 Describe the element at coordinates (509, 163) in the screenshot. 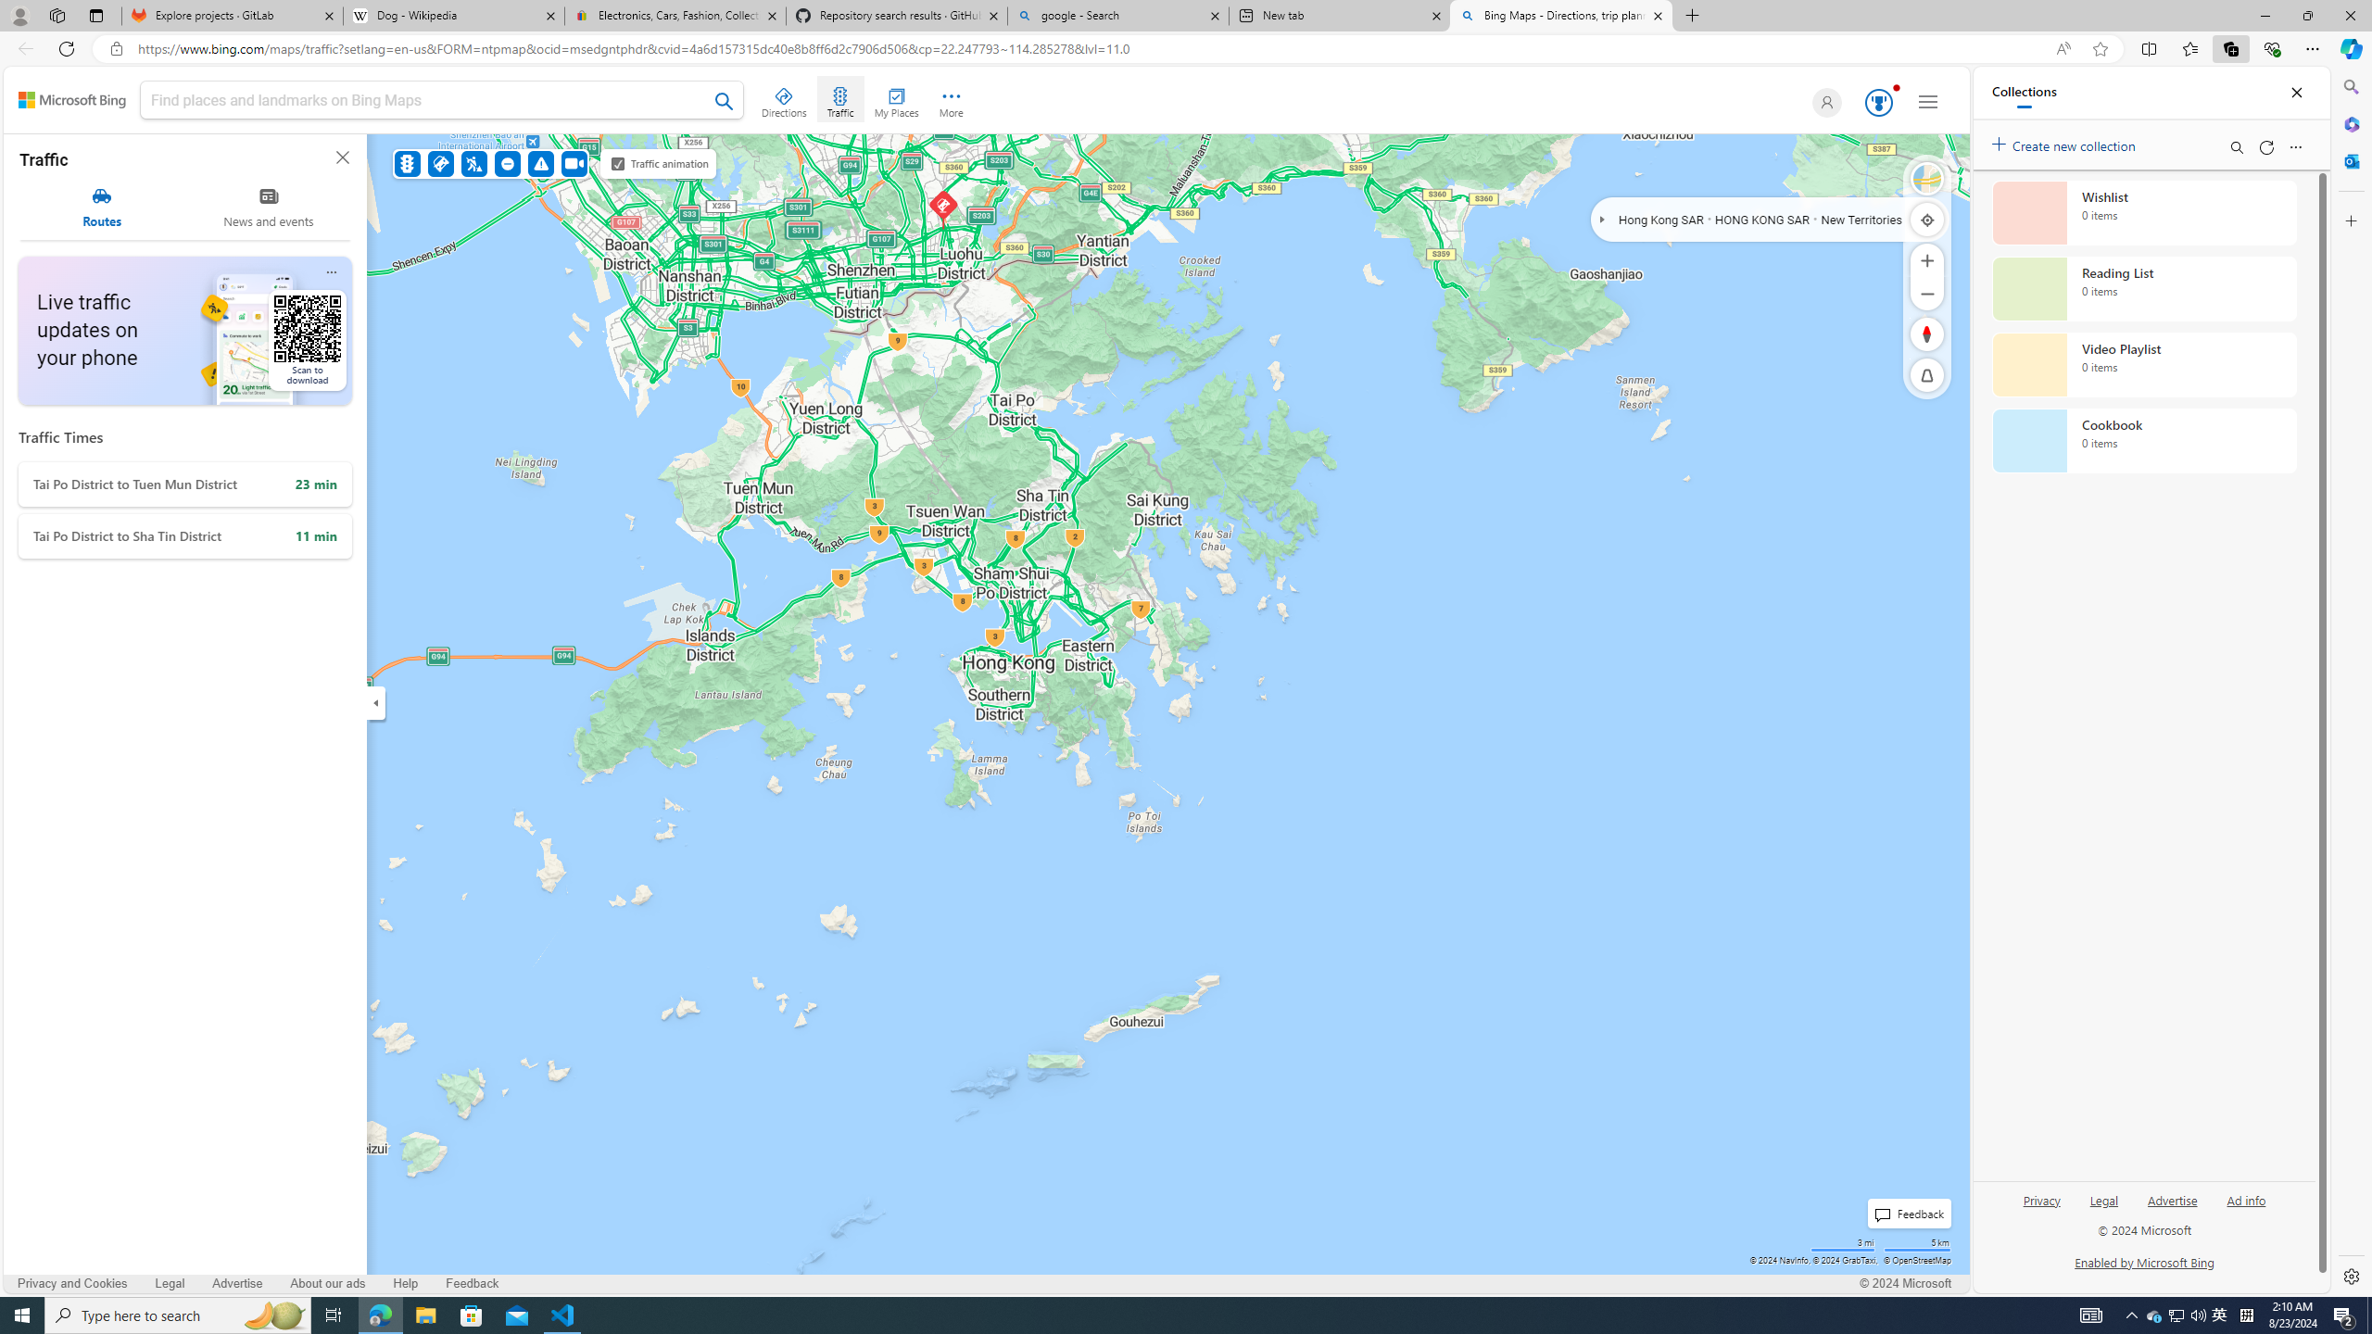

I see `'Road Closures'` at that location.